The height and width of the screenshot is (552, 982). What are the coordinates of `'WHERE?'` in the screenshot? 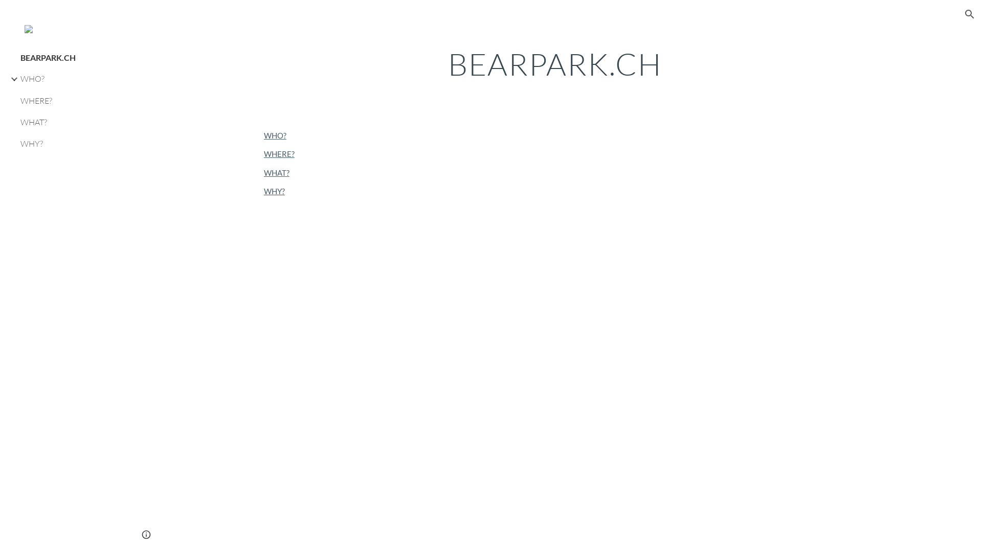 It's located at (18, 100).